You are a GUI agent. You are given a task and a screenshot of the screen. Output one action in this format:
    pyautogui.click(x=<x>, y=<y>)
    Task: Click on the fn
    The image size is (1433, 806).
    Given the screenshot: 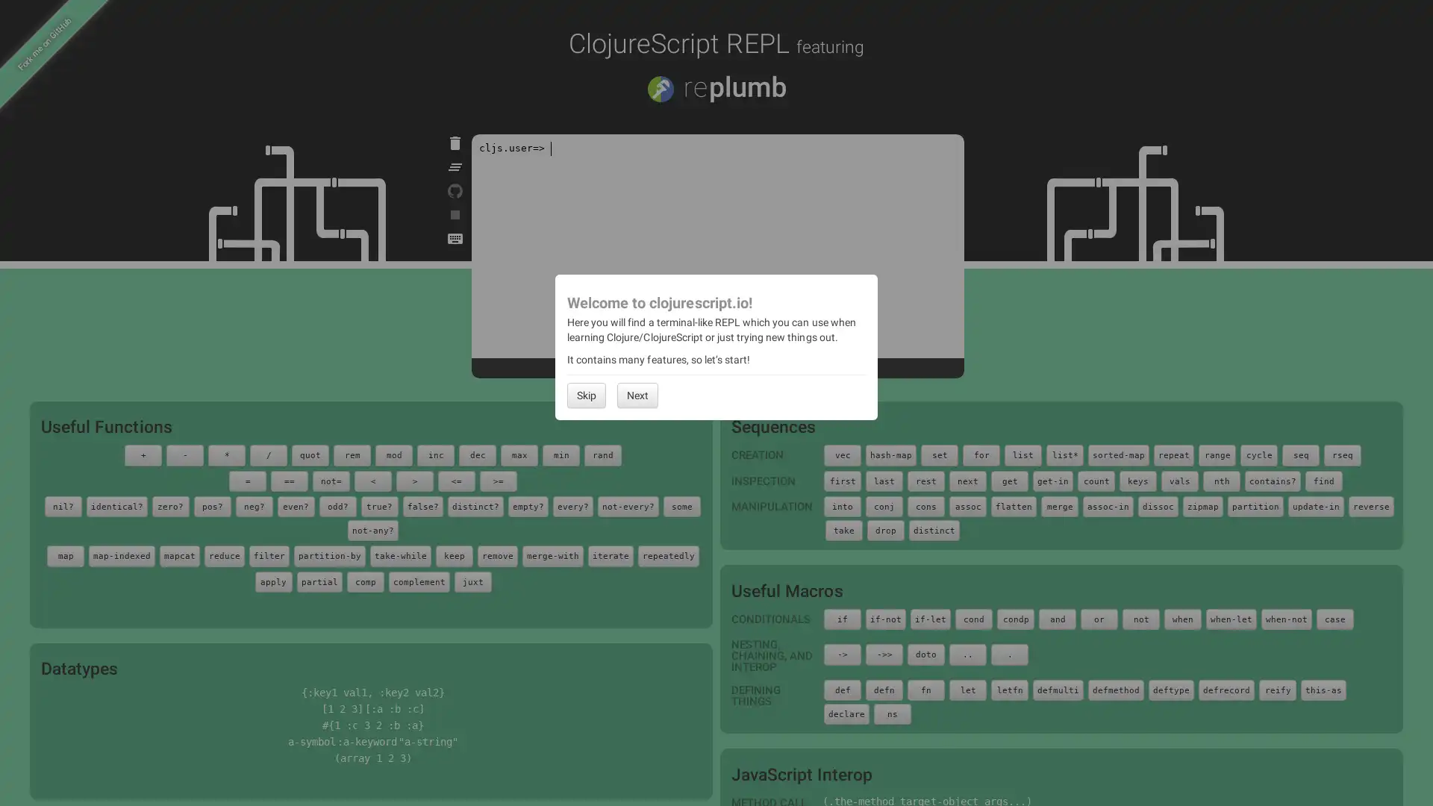 What is the action you would take?
    pyautogui.click(x=925, y=690)
    